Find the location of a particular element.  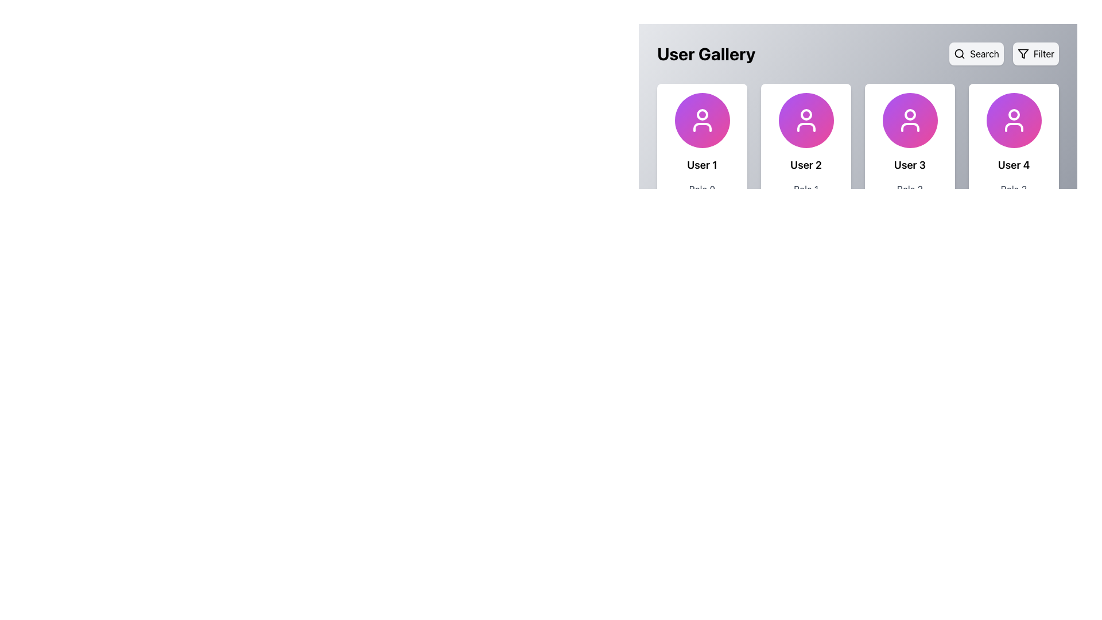

the third user card in the 'User Gallery' section, which contains the icon of a user, the name 'User 3', the role 'Role 2', and a blue button labeled 'View Profile' is located at coordinates (909, 168).